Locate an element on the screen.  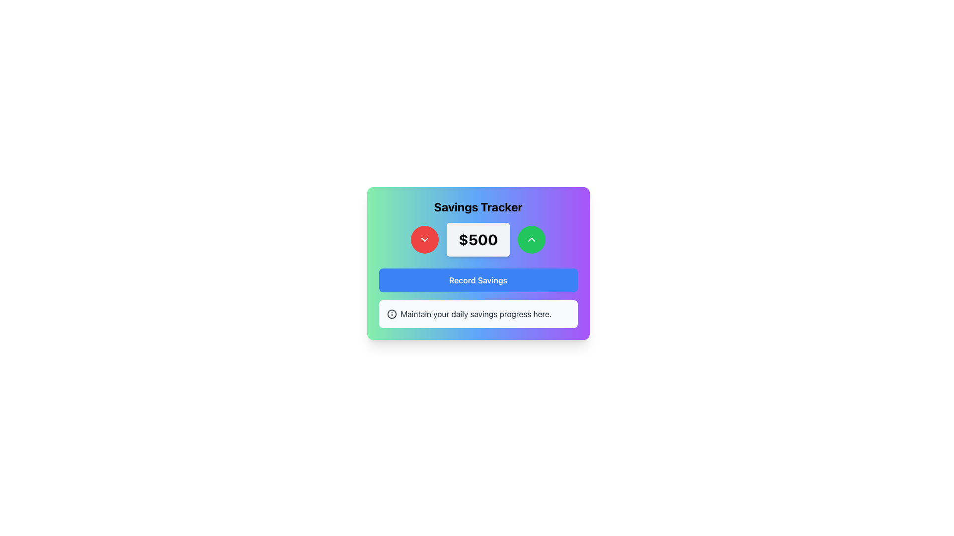
informational text box containing the message 'Maintain your daily savings progress here.' located below the blue 'Record Savings' button in the bottom section of the card component is located at coordinates (478, 314).